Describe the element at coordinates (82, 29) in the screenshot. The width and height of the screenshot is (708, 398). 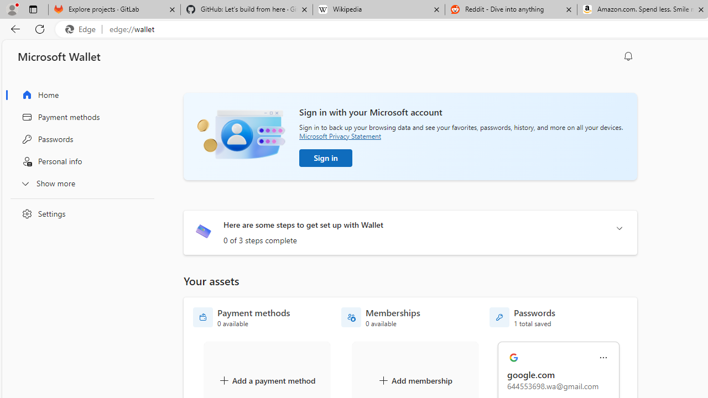
I see `'Edge'` at that location.